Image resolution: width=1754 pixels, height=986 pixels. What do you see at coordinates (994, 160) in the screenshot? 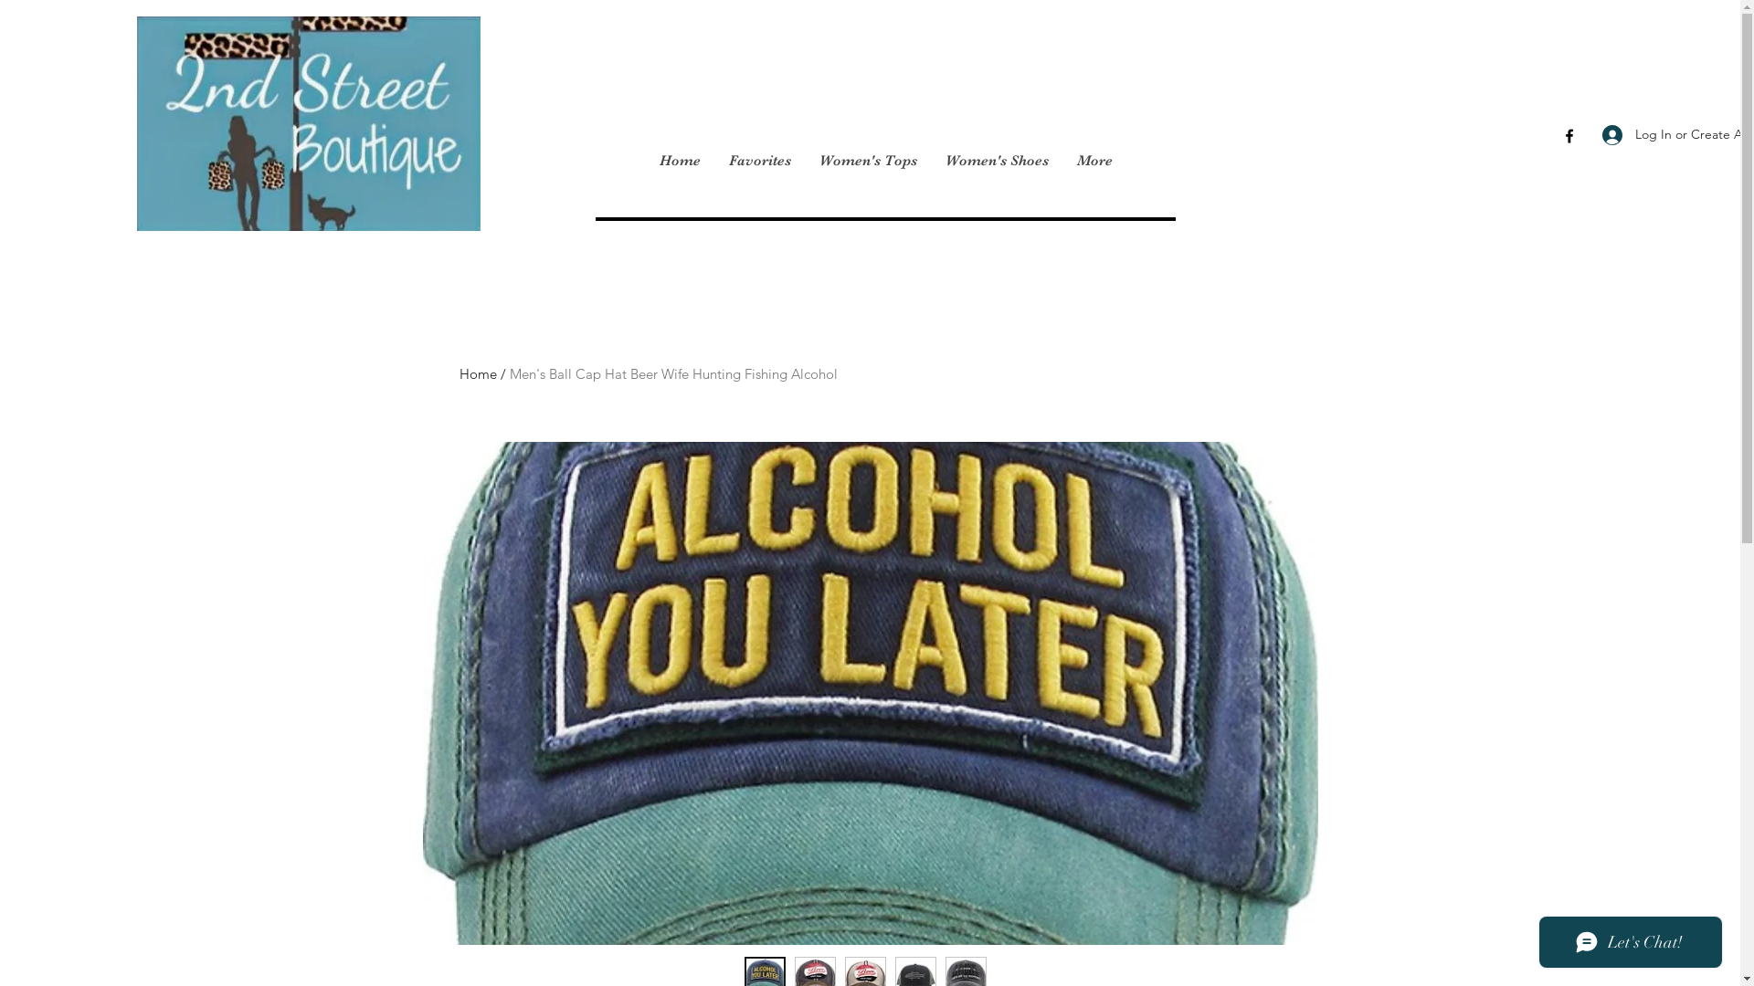
I see `'Women's Shoes'` at bounding box center [994, 160].